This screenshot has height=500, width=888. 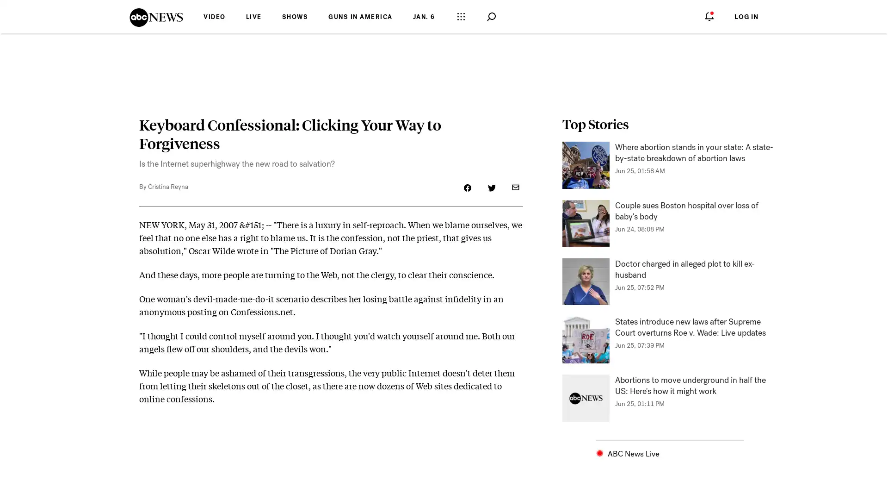 I want to click on Share Story by Email, so click(x=515, y=187).